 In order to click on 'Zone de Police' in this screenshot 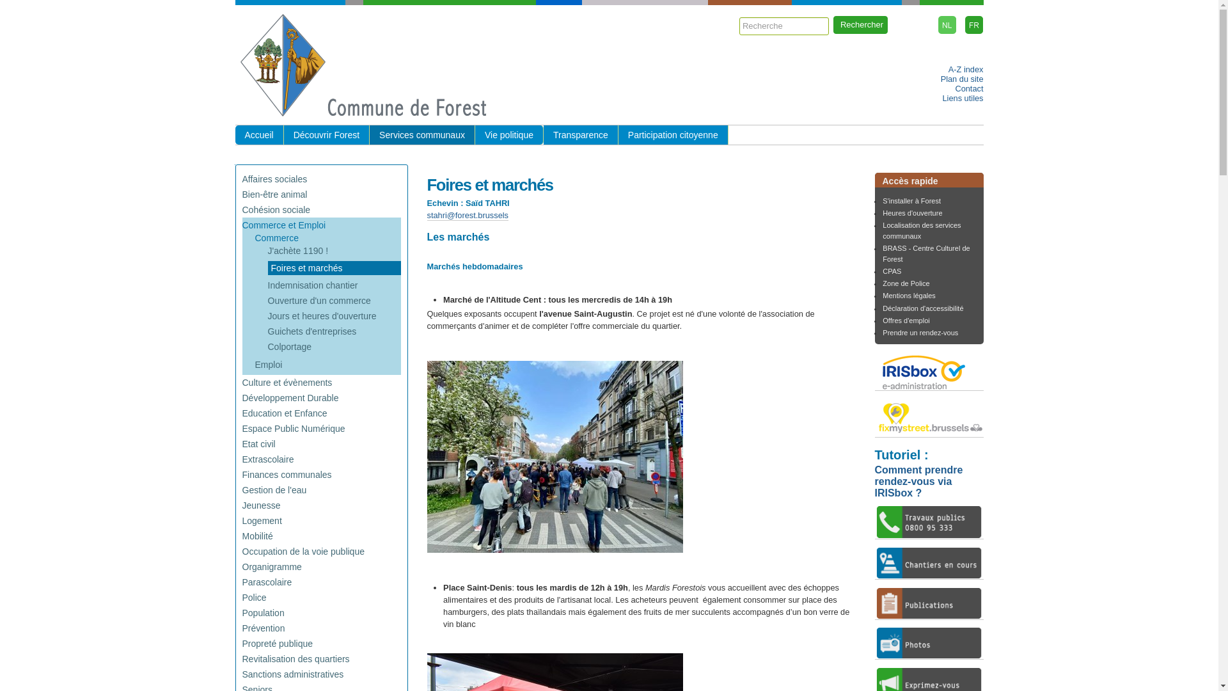, I will do `click(905, 283)`.